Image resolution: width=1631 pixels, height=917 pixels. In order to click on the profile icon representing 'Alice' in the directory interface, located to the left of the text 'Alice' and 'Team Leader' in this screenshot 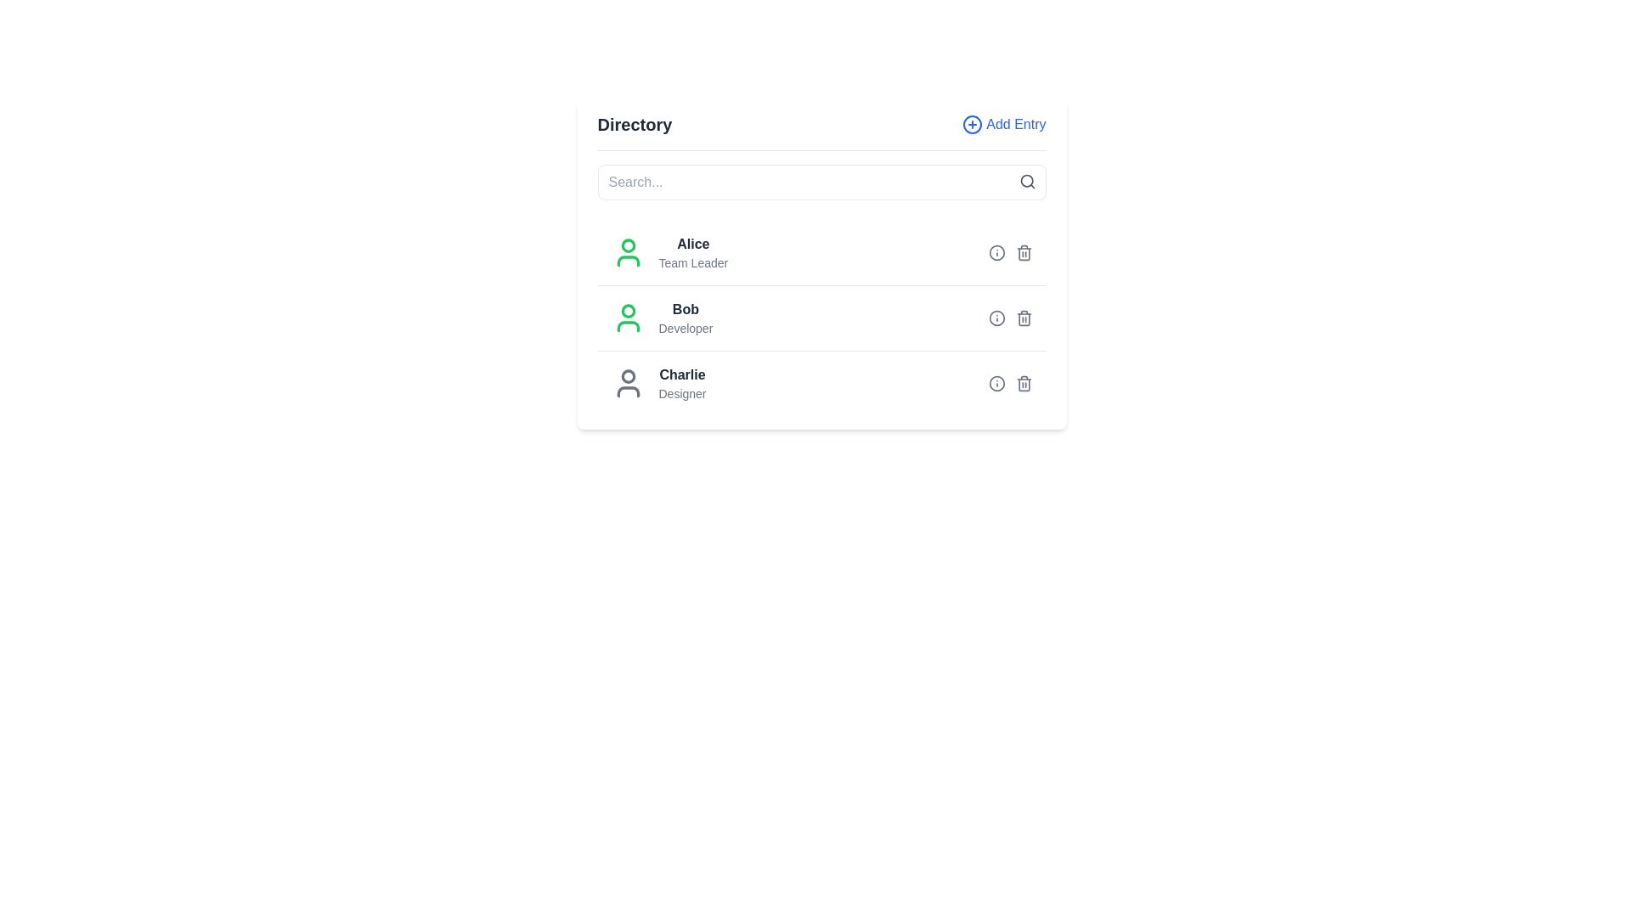, I will do `click(627, 252)`.